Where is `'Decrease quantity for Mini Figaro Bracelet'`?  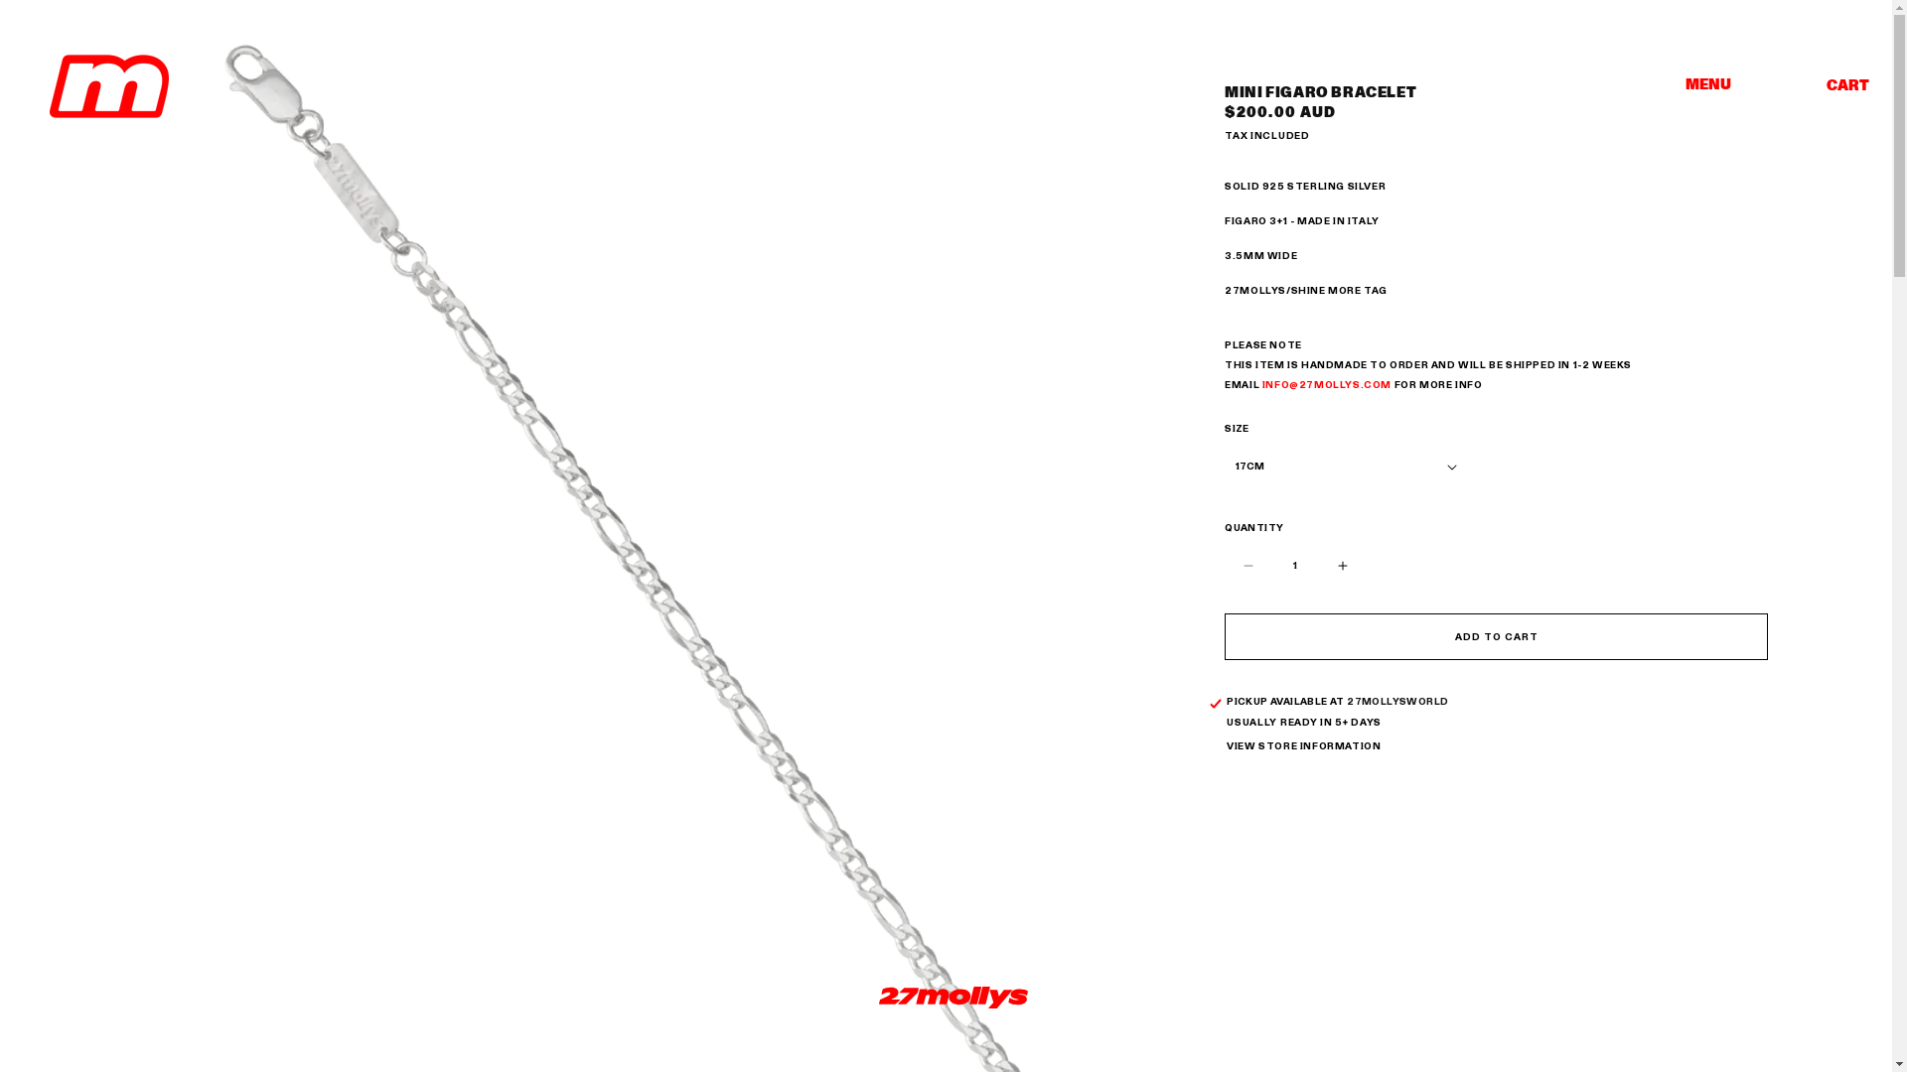 'Decrease quantity for Mini Figaro Bracelet' is located at coordinates (1247, 565).